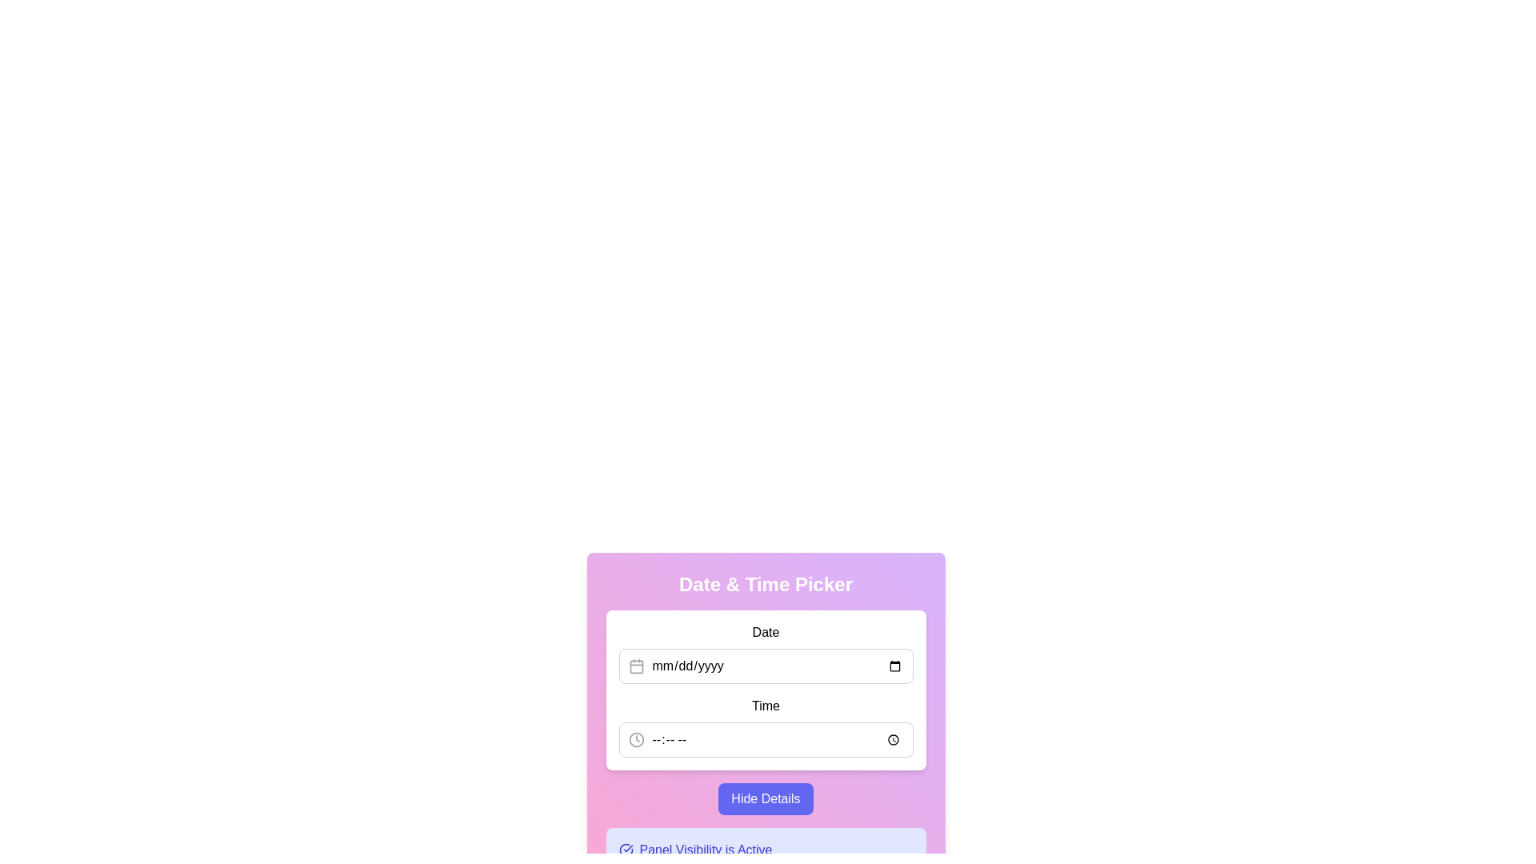  What do you see at coordinates (625, 850) in the screenshot?
I see `the circular icon with a checkmark that is positioned left-aligned relative to the text 'Panel Visibility is Active'` at bounding box center [625, 850].